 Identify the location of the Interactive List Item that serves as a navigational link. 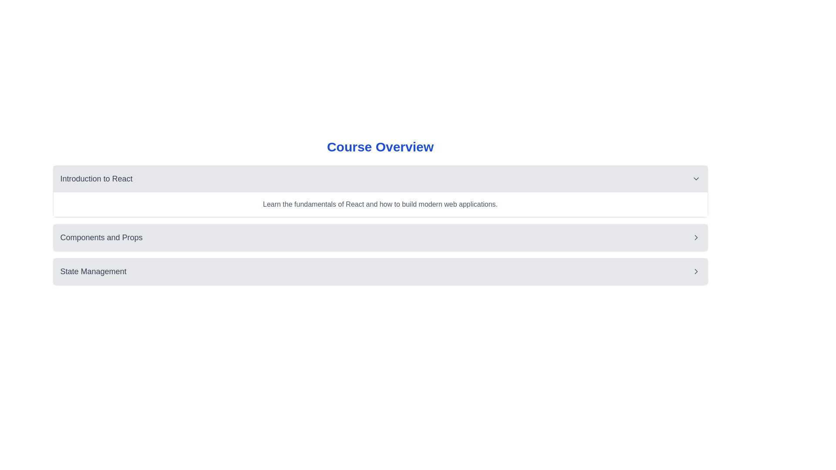
(380, 238).